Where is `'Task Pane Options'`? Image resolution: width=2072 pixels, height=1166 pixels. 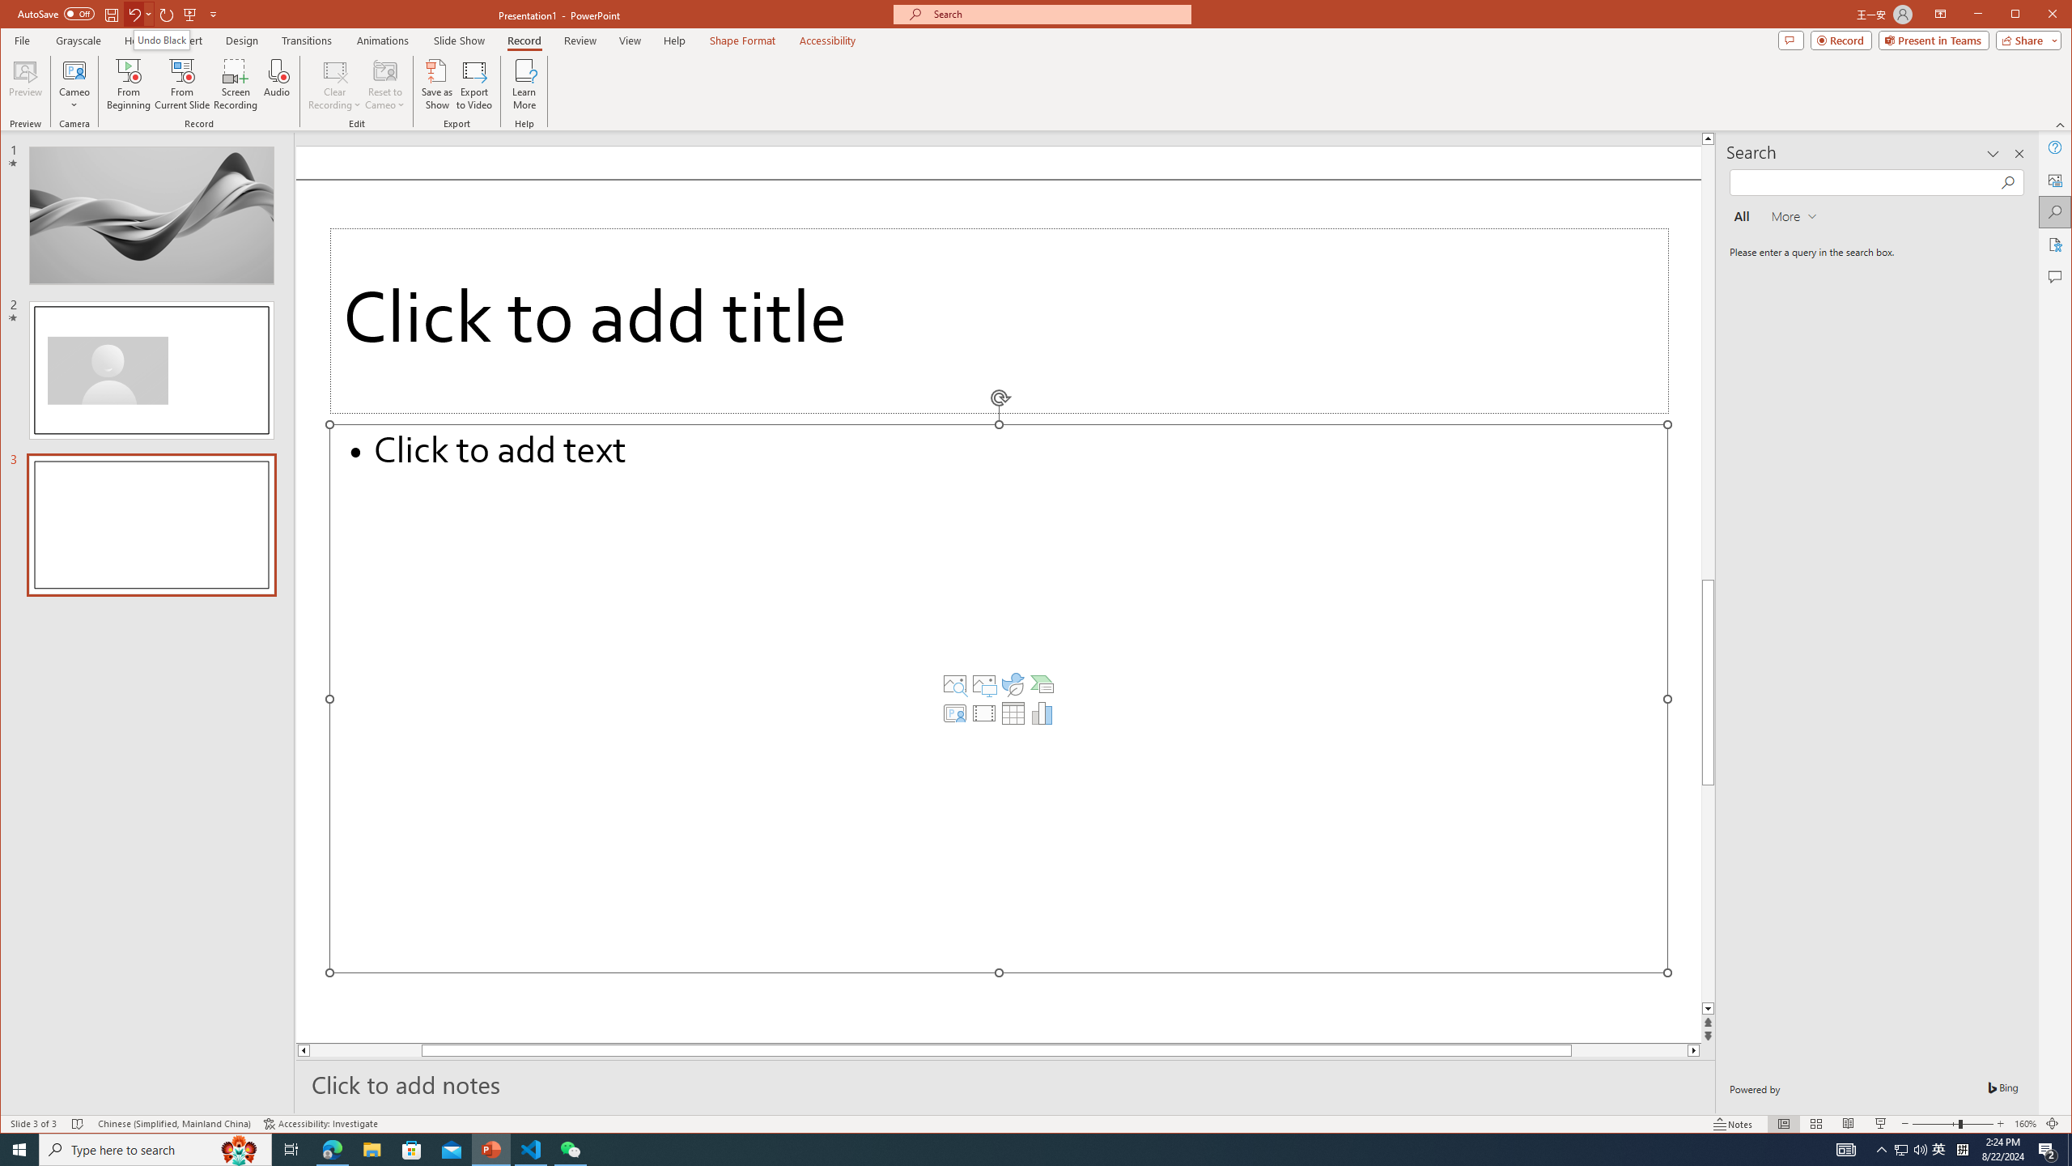 'Task Pane Options' is located at coordinates (1993, 153).